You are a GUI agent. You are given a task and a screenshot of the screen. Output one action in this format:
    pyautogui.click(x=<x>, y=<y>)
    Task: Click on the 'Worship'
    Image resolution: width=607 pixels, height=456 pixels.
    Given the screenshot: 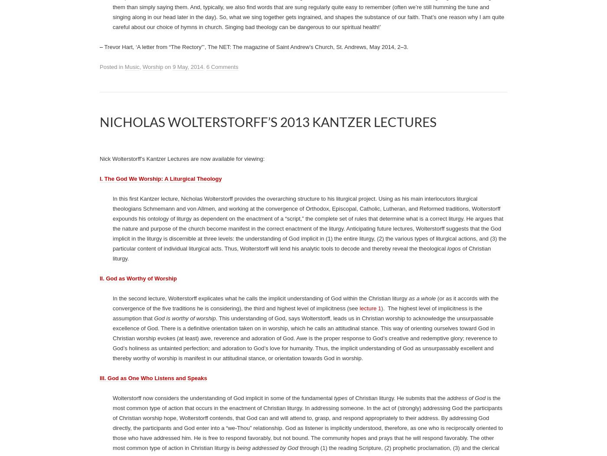 What is the action you would take?
    pyautogui.click(x=153, y=204)
    